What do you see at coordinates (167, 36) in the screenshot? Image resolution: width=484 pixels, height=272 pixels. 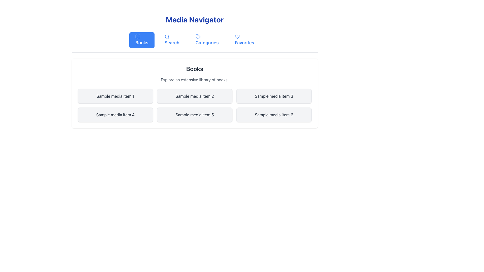 I see `the SVG element that is part of the search icon located in the top navigation bar, specifically the second menu item labeled 'Search.'` at bounding box center [167, 36].